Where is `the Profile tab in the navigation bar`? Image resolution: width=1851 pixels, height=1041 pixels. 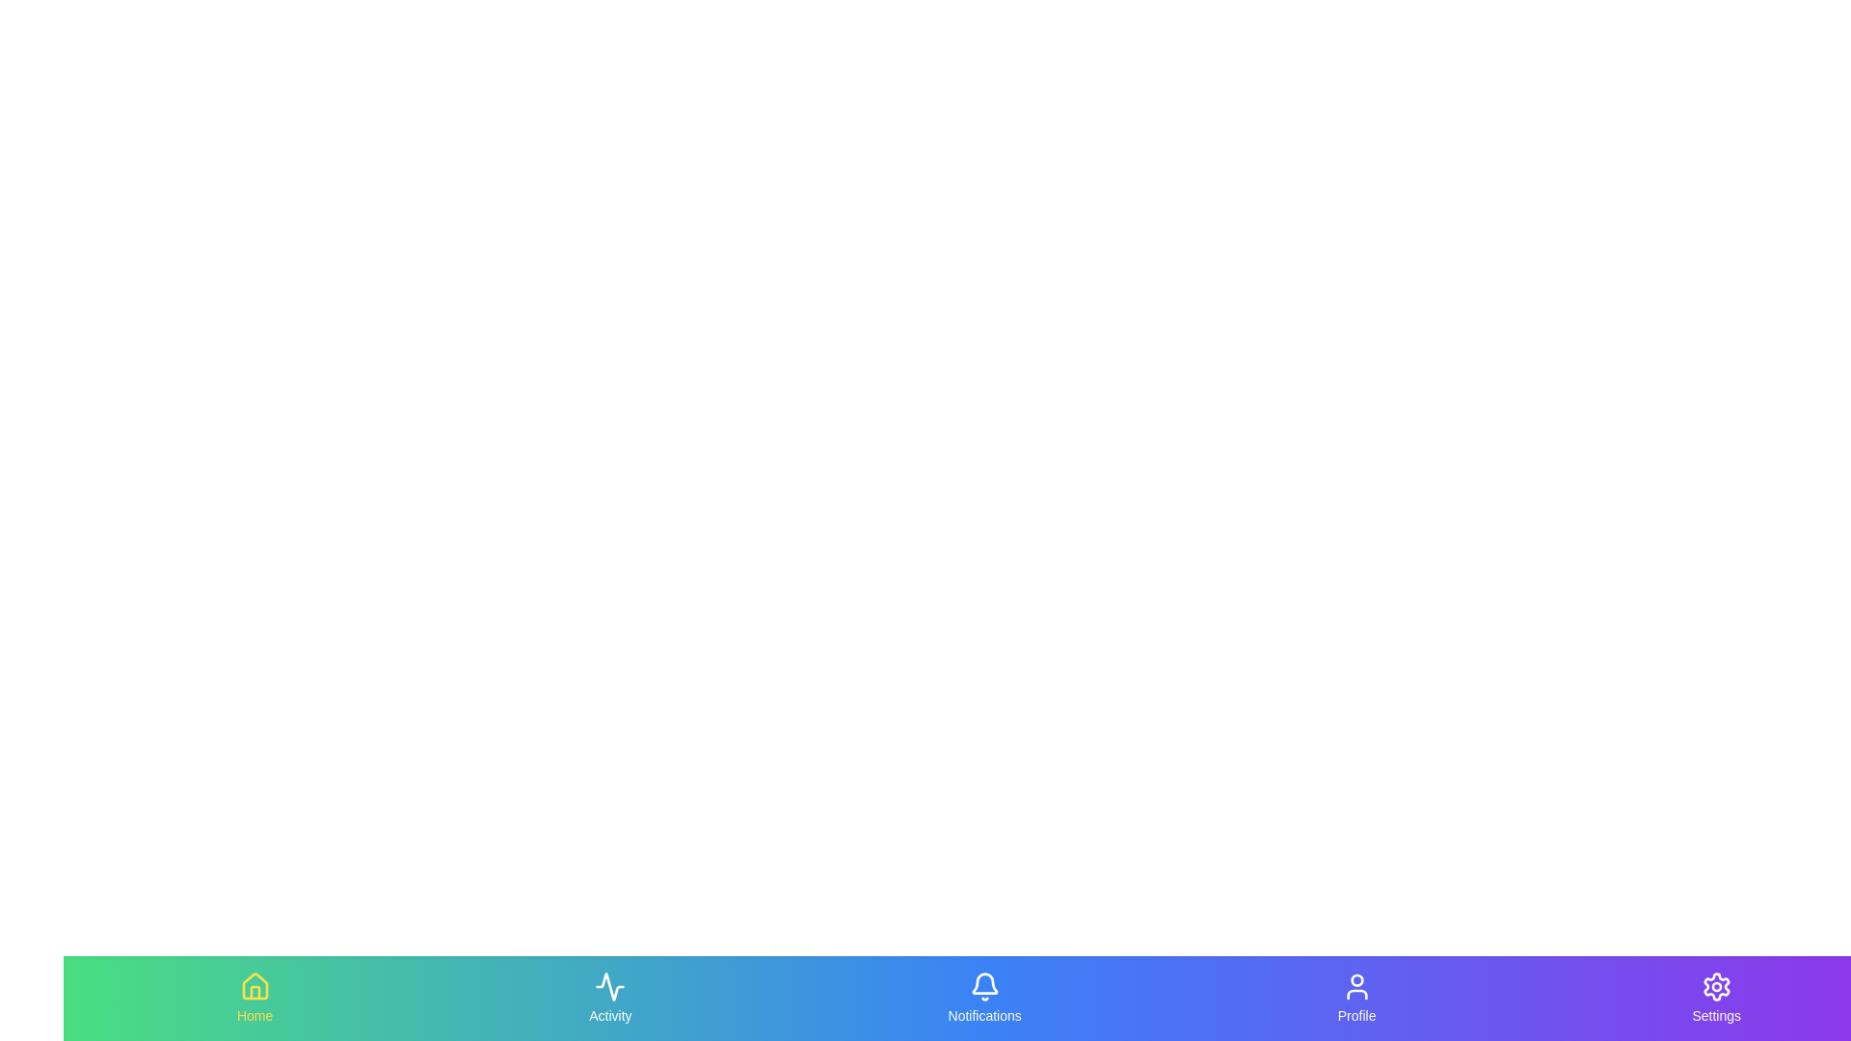
the Profile tab in the navigation bar is located at coordinates (1355, 998).